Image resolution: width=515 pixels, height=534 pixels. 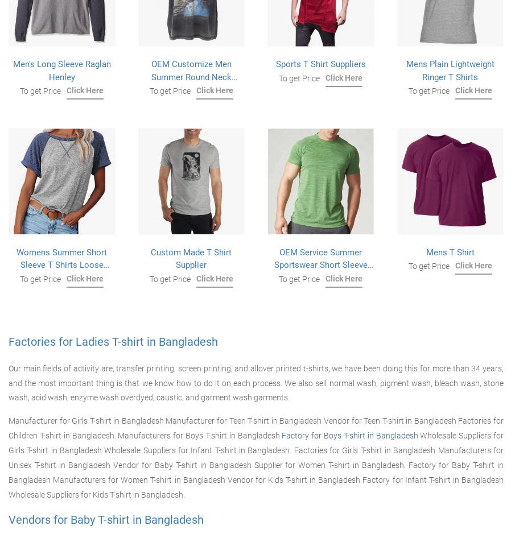 I want to click on 'OEM Customize Men Summer Round Neck Oversized Printing T Shirt Loose Fashion Casual Old Washed Tshirt', so click(x=190, y=90).